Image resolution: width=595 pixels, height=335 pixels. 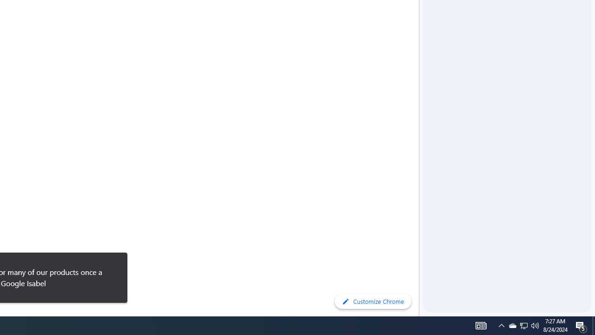 What do you see at coordinates (420, 18) in the screenshot?
I see `'Side Panel Resize Handle'` at bounding box center [420, 18].